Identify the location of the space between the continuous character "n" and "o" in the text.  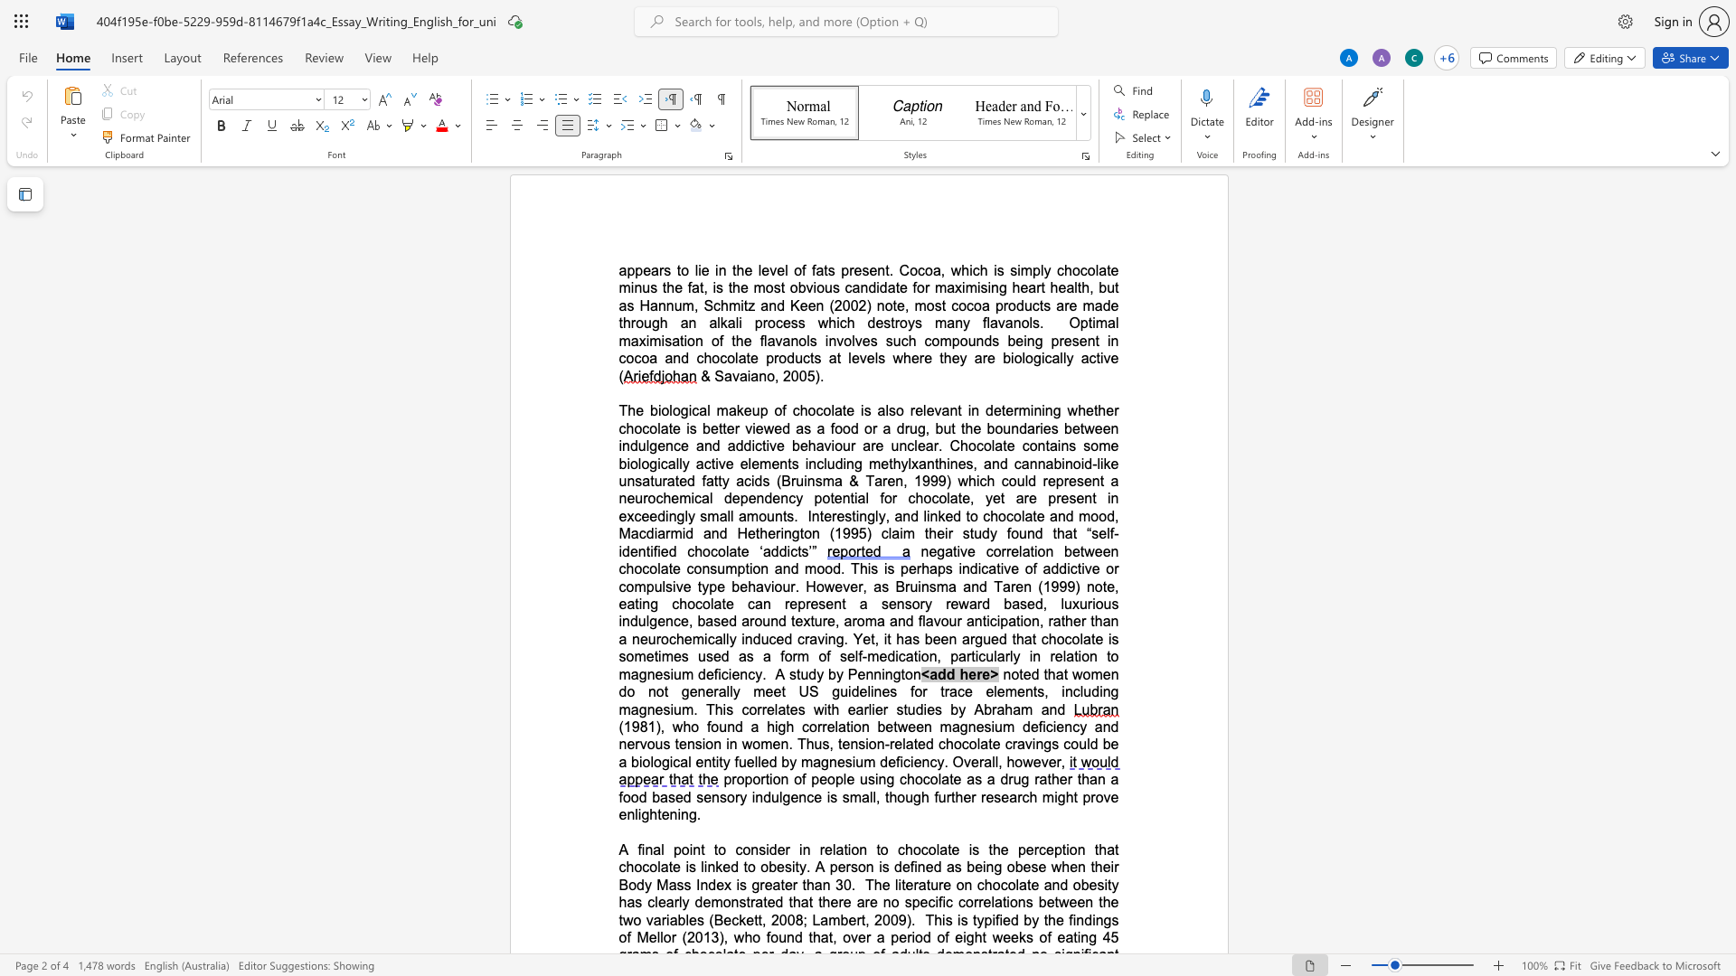
(767, 375).